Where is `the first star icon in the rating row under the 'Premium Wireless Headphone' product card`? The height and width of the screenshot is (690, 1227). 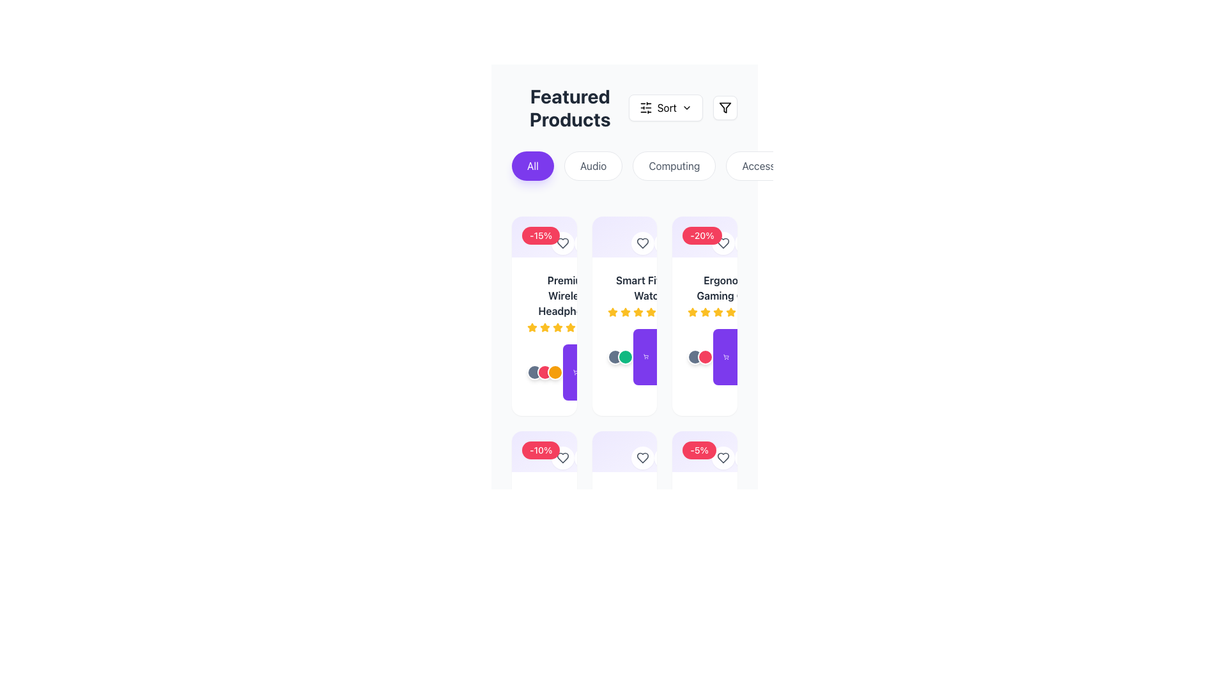 the first star icon in the rating row under the 'Premium Wireless Headphone' product card is located at coordinates (532, 327).